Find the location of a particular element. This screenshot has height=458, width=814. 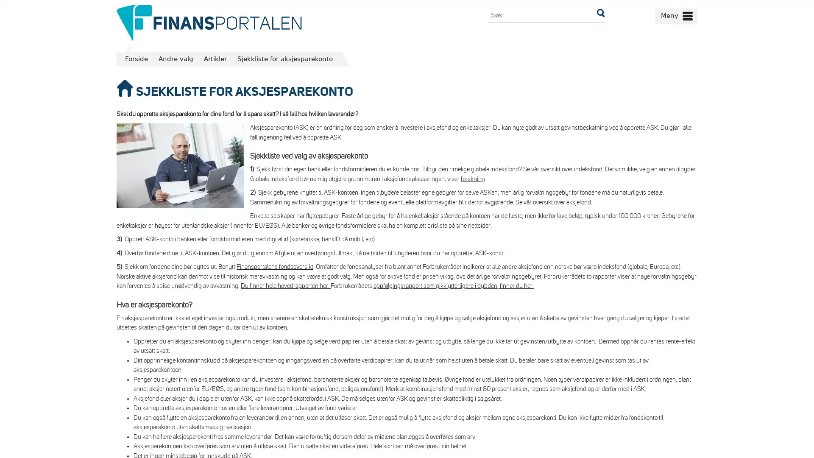

Knapp for sk is located at coordinates (600, 15).